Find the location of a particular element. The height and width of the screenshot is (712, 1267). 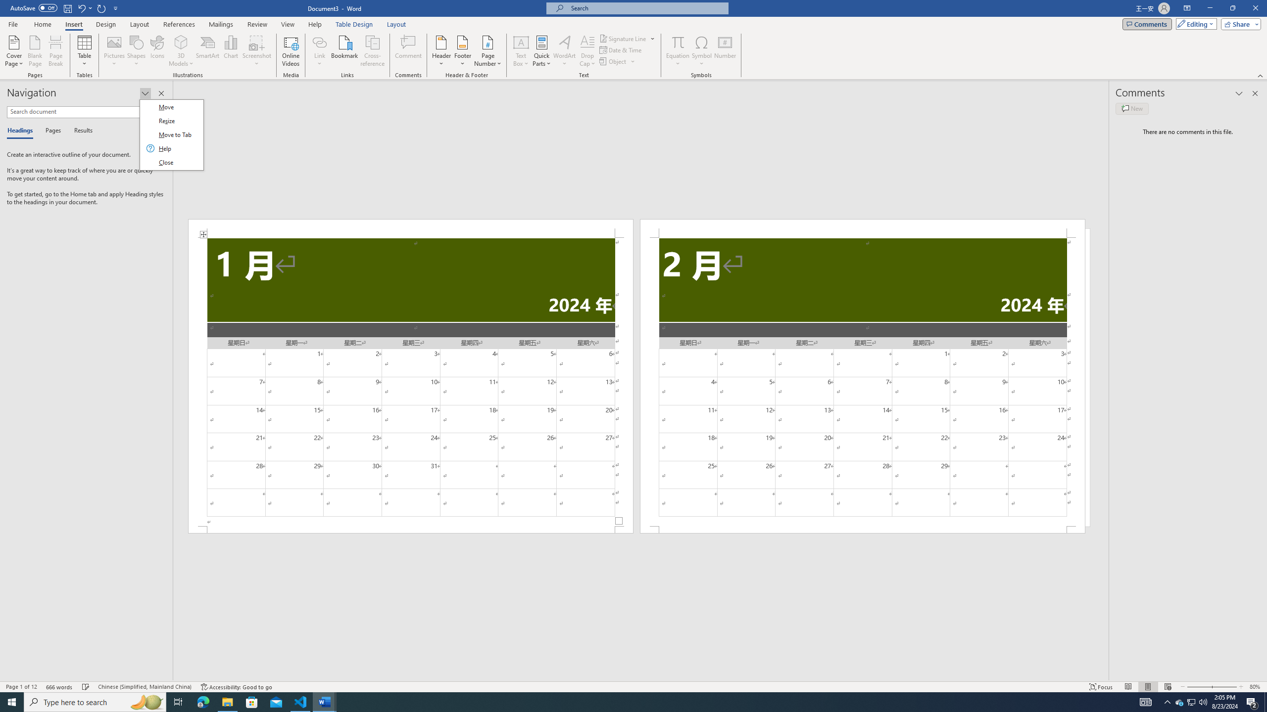

'Type here to search' is located at coordinates (95, 701).